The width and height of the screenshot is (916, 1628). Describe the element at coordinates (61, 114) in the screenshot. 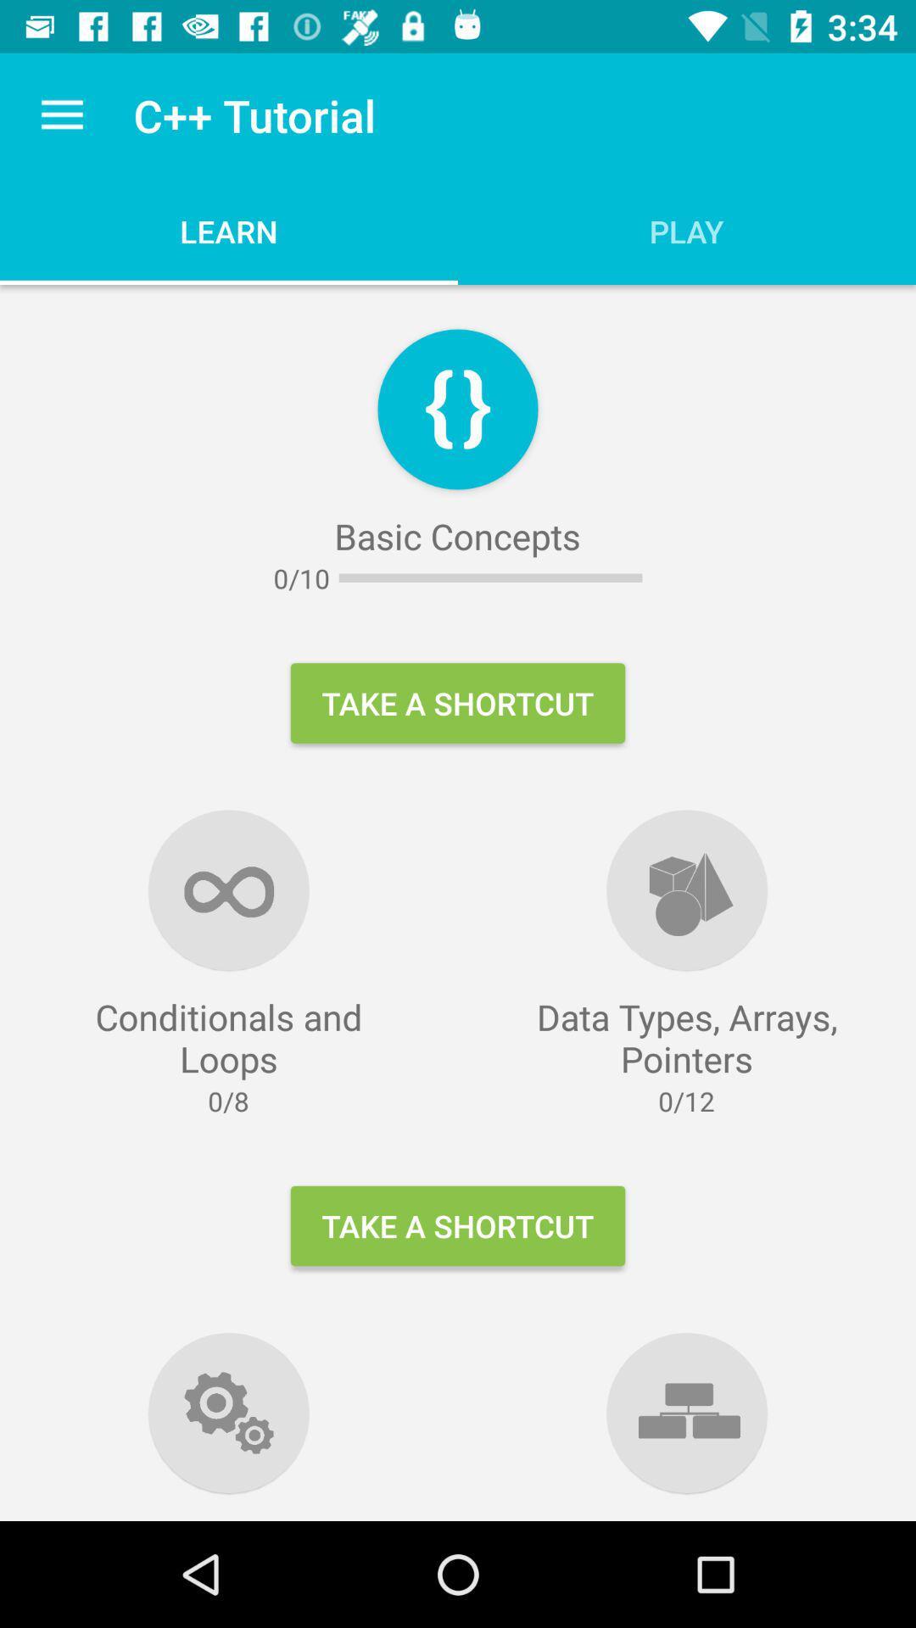

I see `the icon to the left of the c++ tutorial` at that location.